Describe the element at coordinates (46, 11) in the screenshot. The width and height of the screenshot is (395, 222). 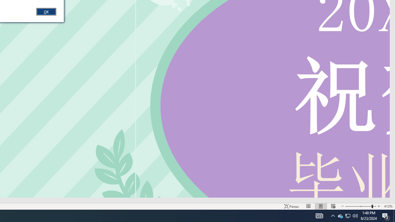
I see `'OK'` at that location.